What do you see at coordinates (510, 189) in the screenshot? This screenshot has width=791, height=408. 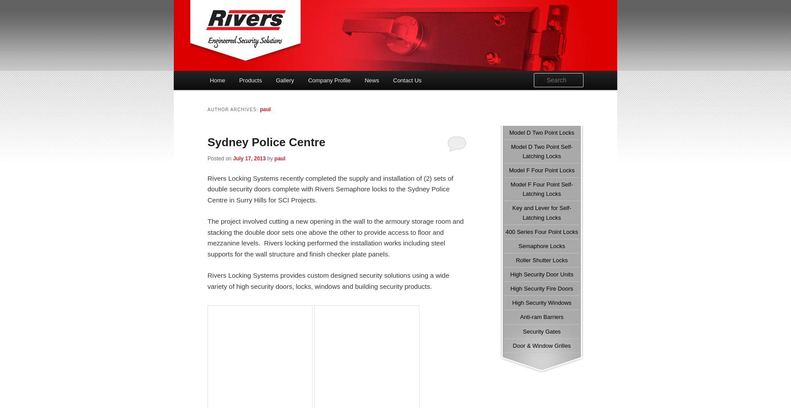 I see `'Model F Four Point Self-Latching Locks'` at bounding box center [510, 189].